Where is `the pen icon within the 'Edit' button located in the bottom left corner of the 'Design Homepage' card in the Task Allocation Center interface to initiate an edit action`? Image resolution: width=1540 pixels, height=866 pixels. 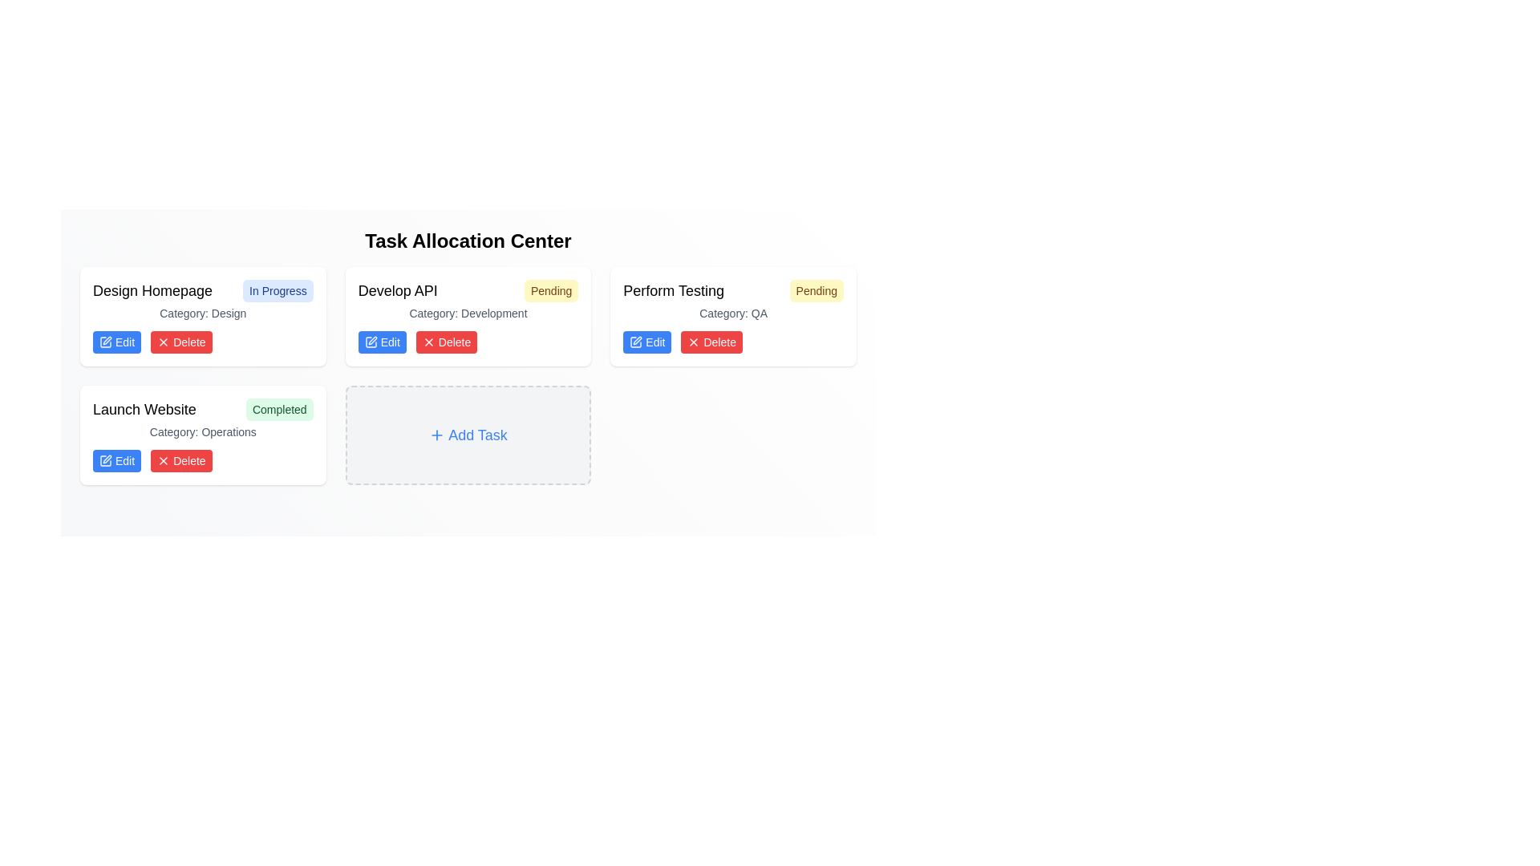 the pen icon within the 'Edit' button located in the bottom left corner of the 'Design Homepage' card in the Task Allocation Center interface to initiate an edit action is located at coordinates (105, 342).